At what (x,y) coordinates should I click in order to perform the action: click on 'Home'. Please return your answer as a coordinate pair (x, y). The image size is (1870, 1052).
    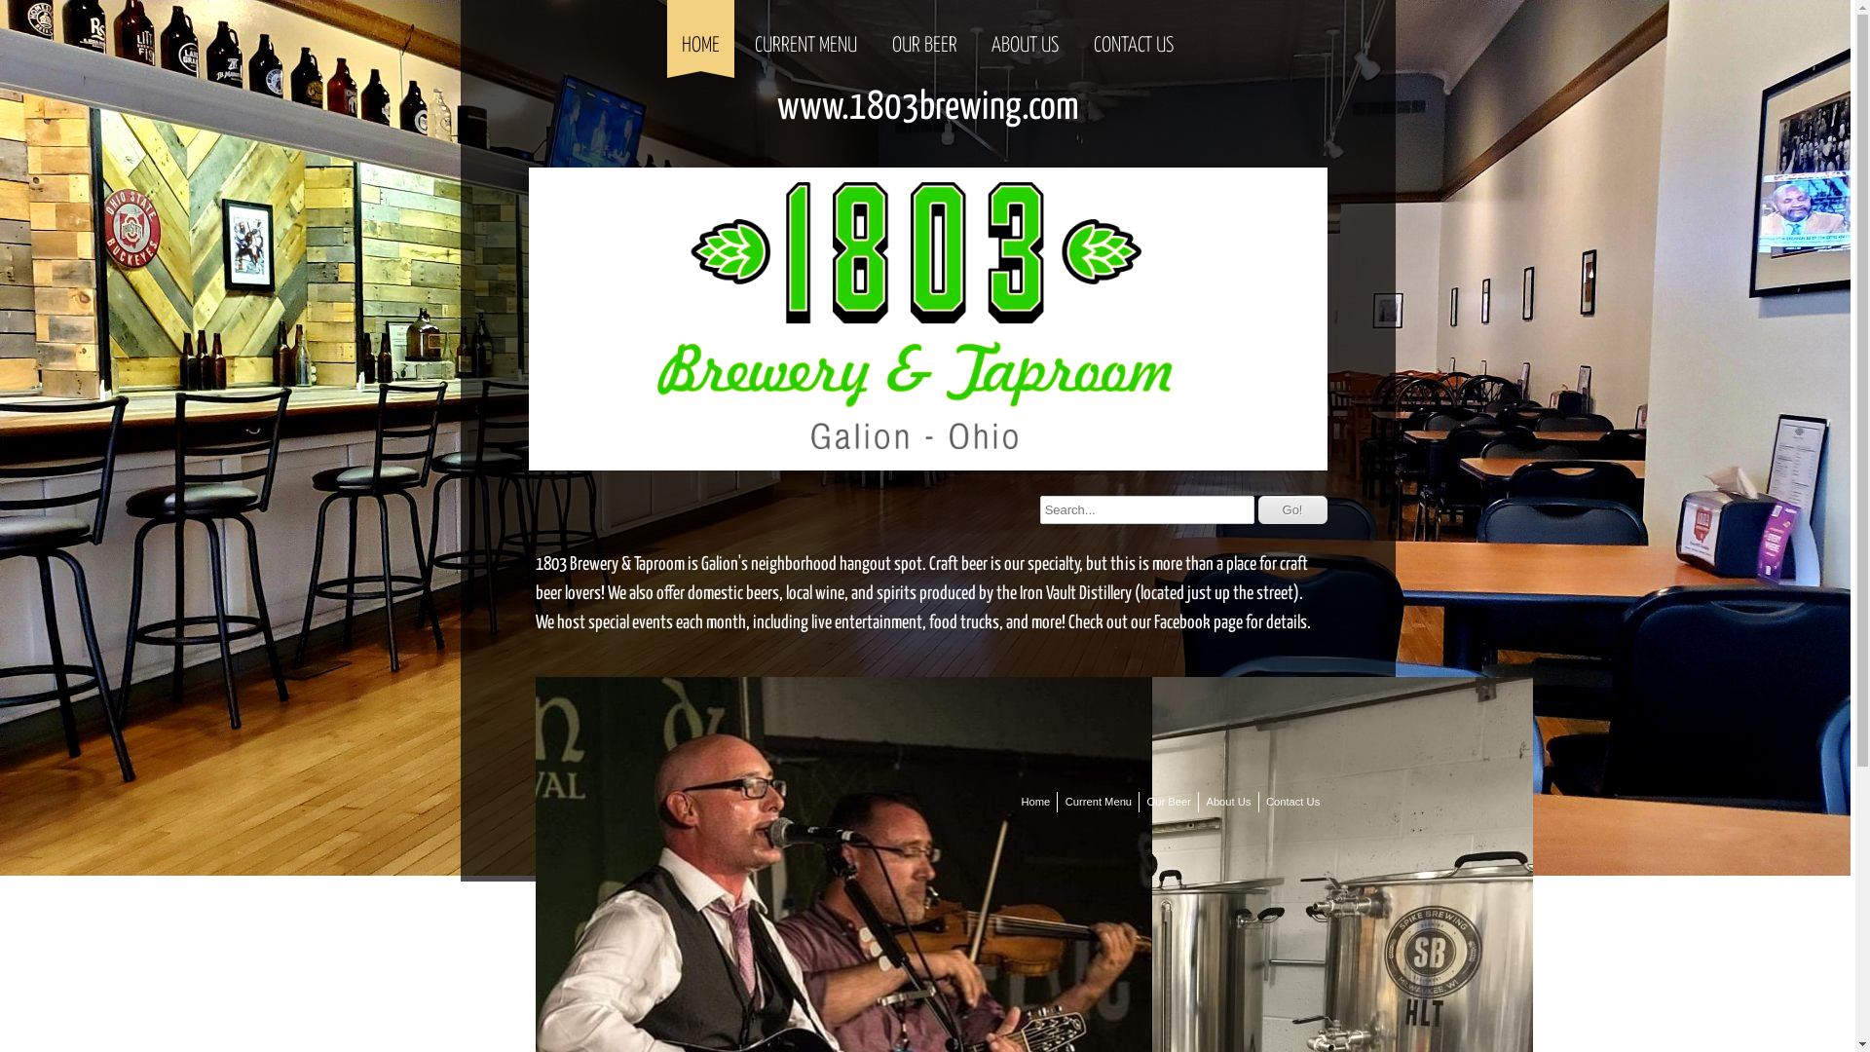
    Looking at the image, I should click on (1033, 802).